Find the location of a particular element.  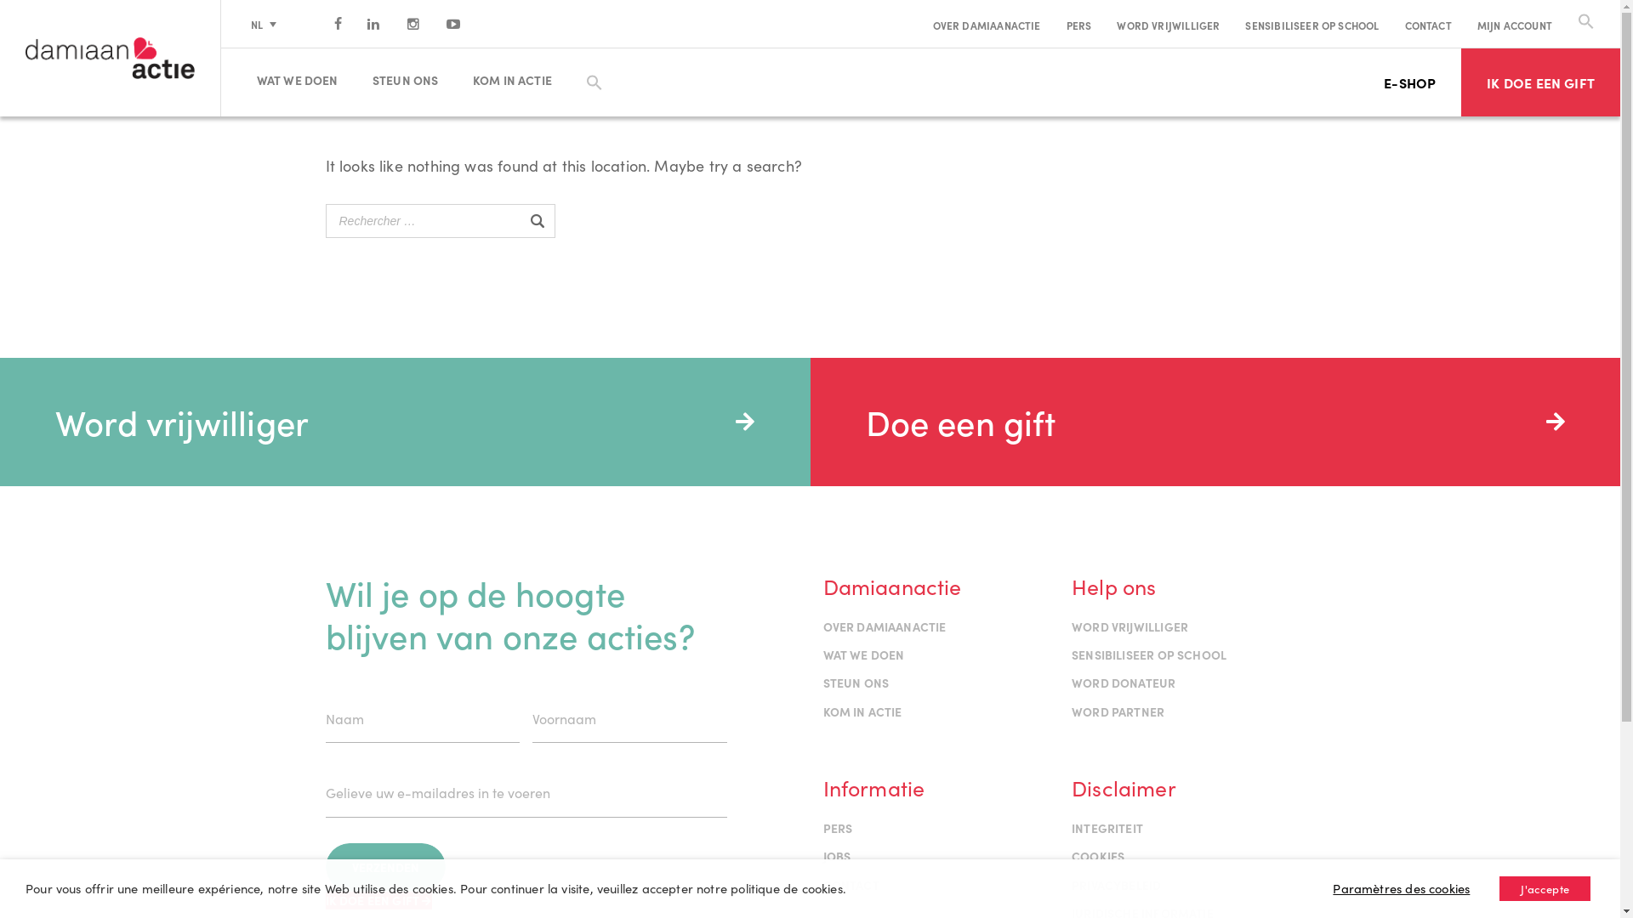

'E-SHOP' is located at coordinates (1409, 82).